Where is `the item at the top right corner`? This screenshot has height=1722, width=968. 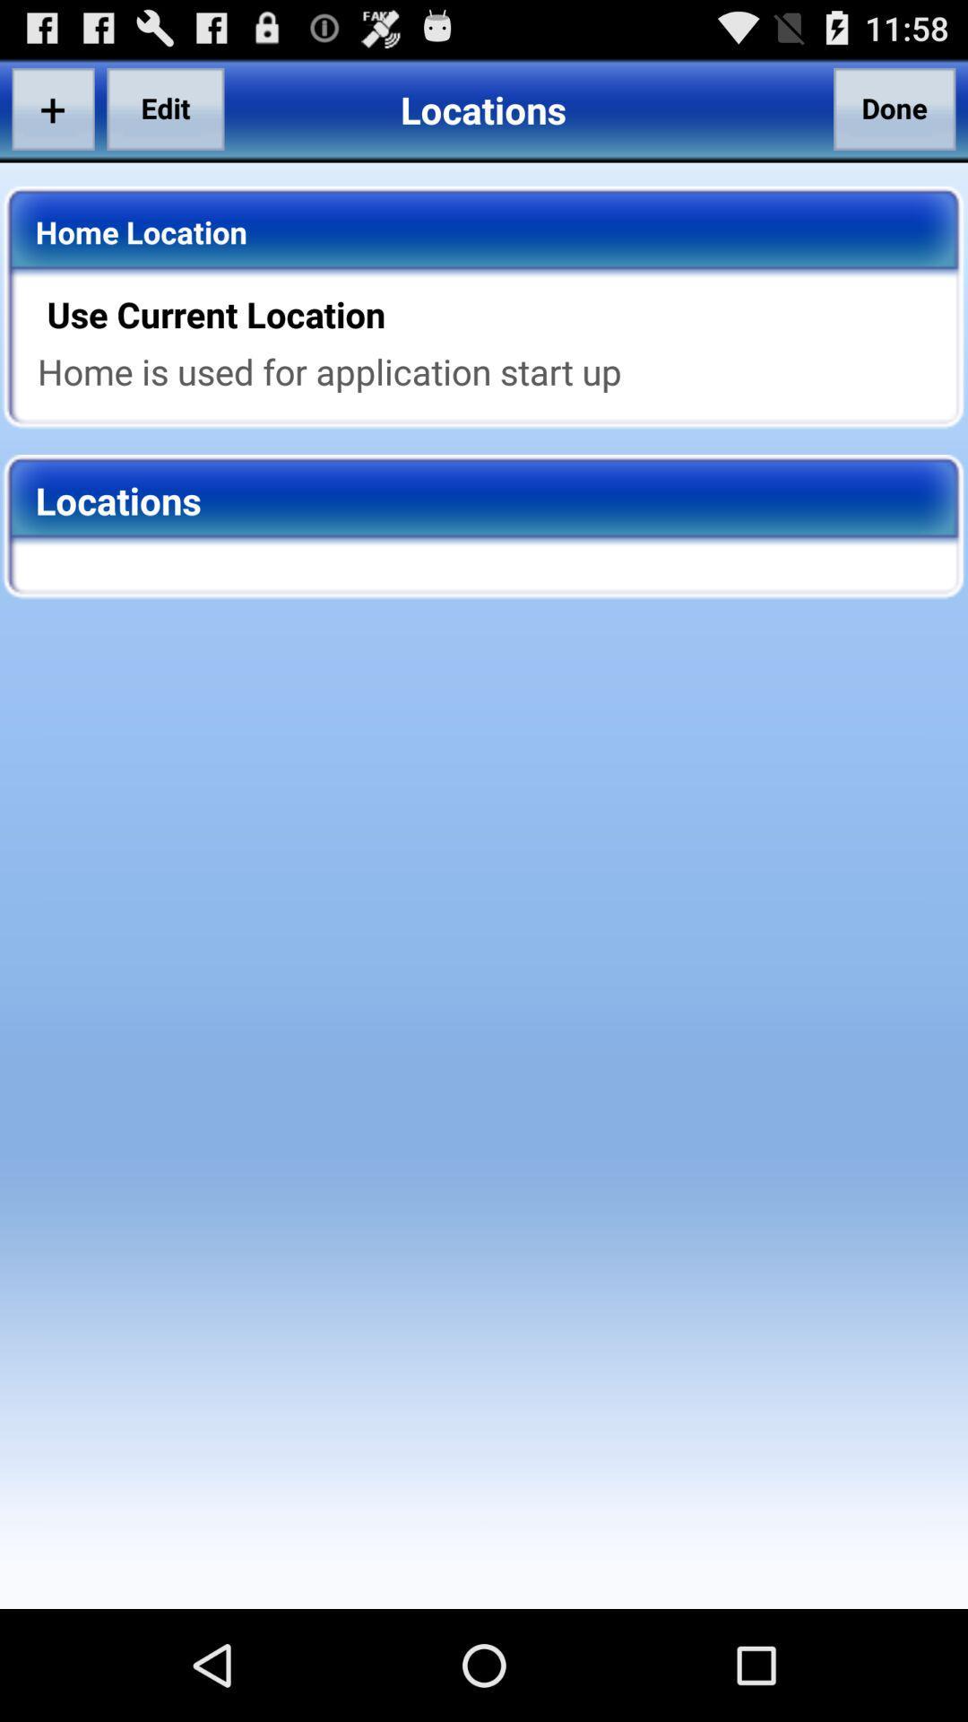 the item at the top right corner is located at coordinates (895, 108).